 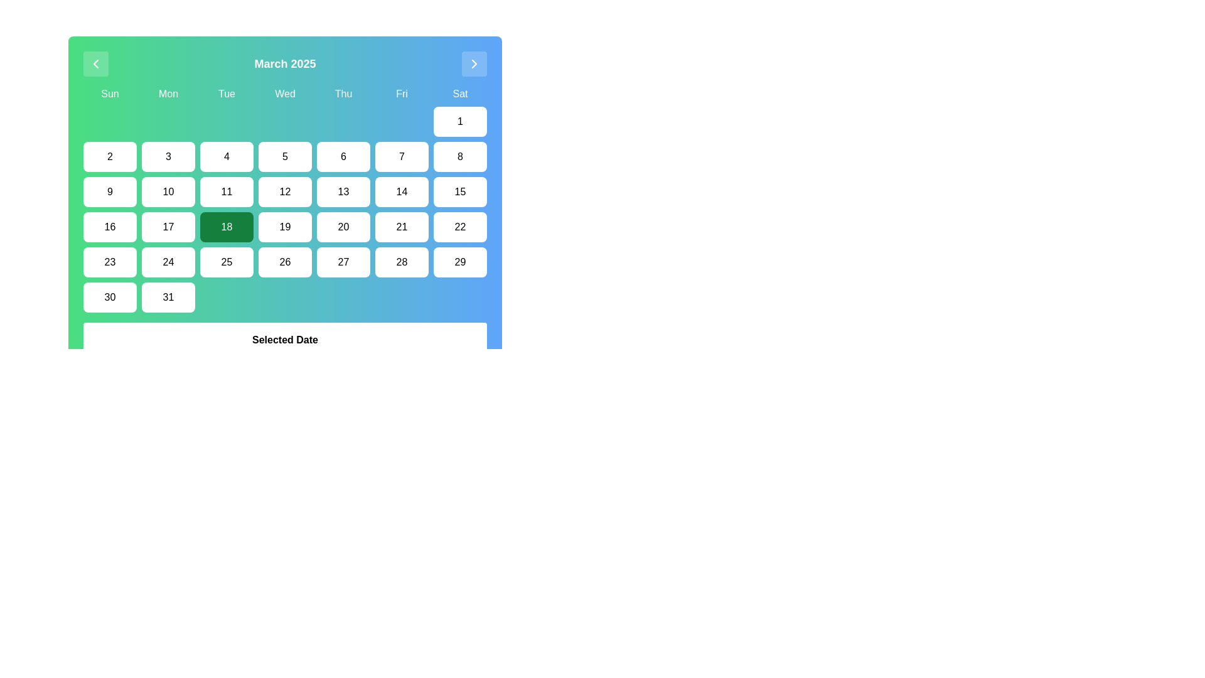 What do you see at coordinates (95, 63) in the screenshot?
I see `the chevron icon located in the top-left corner of the calendar interface` at bounding box center [95, 63].